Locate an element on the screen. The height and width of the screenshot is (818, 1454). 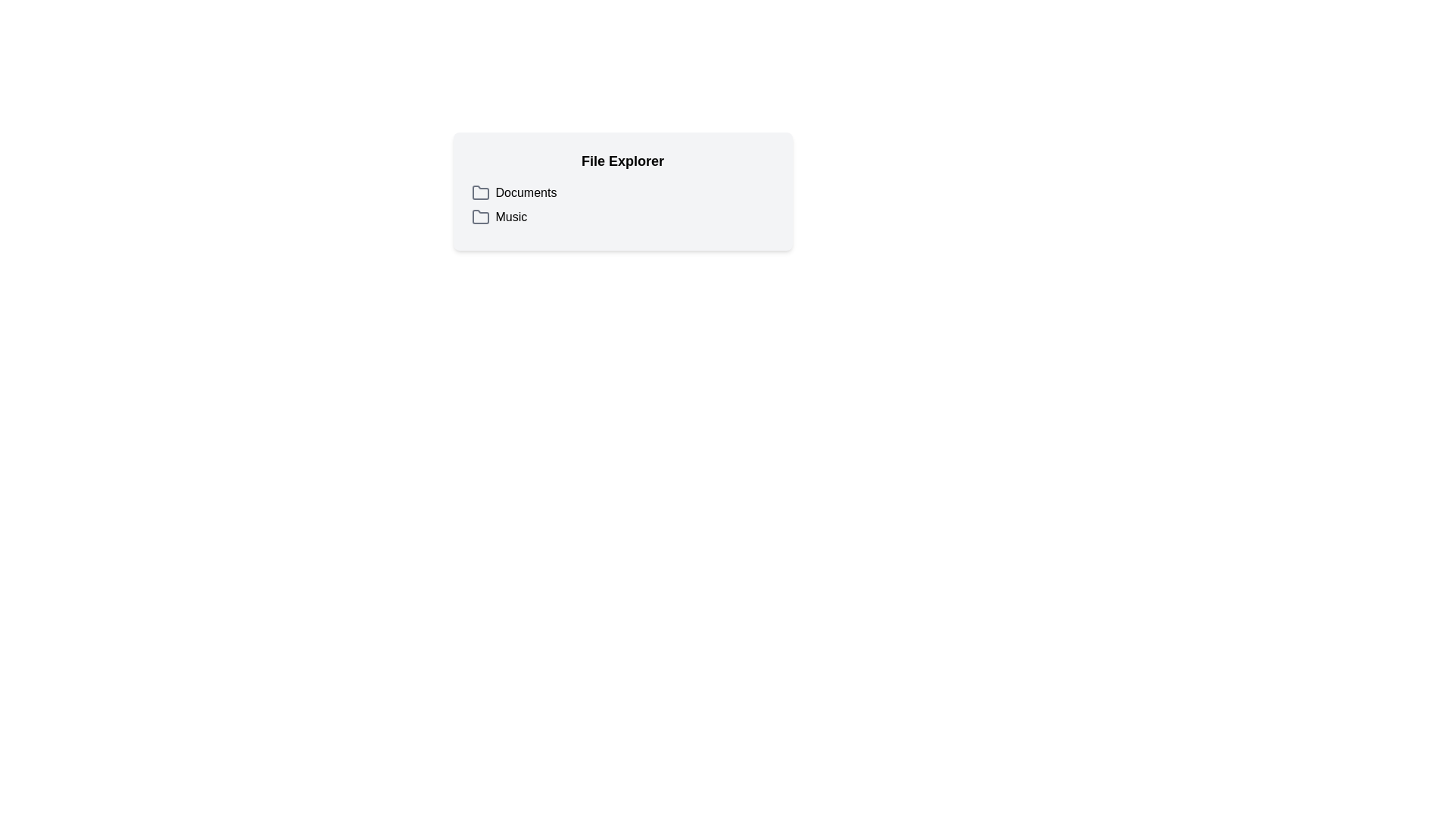
the folder icon labeled 'Music' located in the second row of folder items in the 'File Explorer' section is located at coordinates (479, 217).